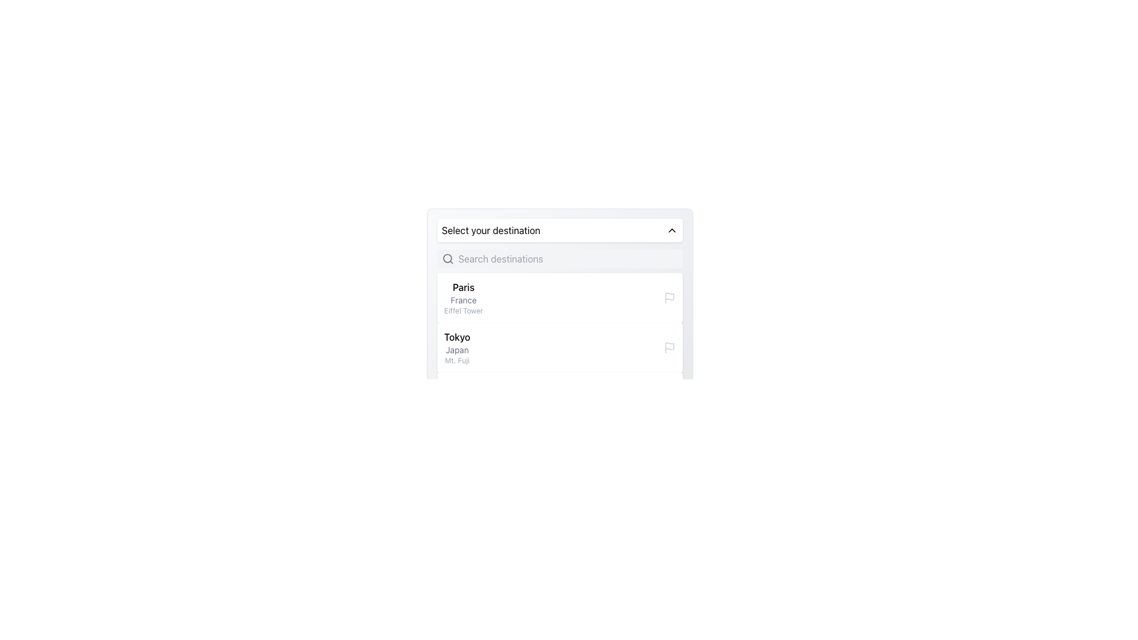  Describe the element at coordinates (463, 310) in the screenshot. I see `the non-interactive text label providing additional information about 'Paris, France', located below the 'France' label` at that location.